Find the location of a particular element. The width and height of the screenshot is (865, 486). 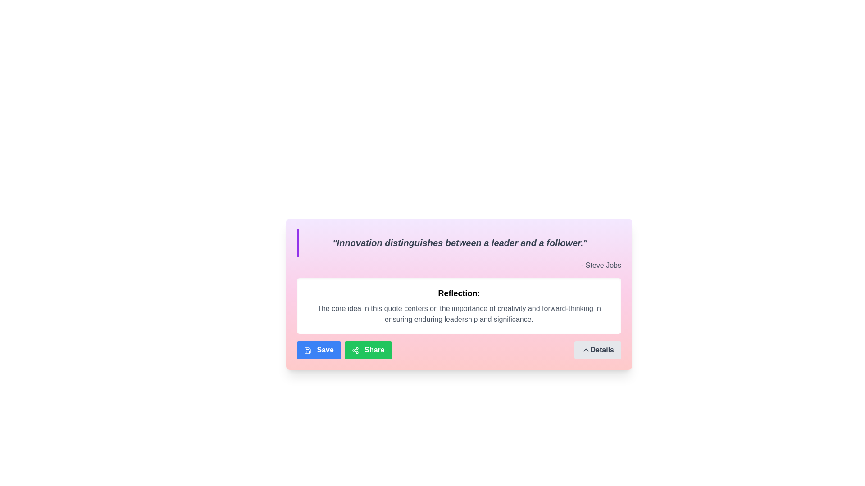

the save action icon located in the footer section of the card component, positioned at the bottom left corner and adjacent to the share icon is located at coordinates (307, 350).